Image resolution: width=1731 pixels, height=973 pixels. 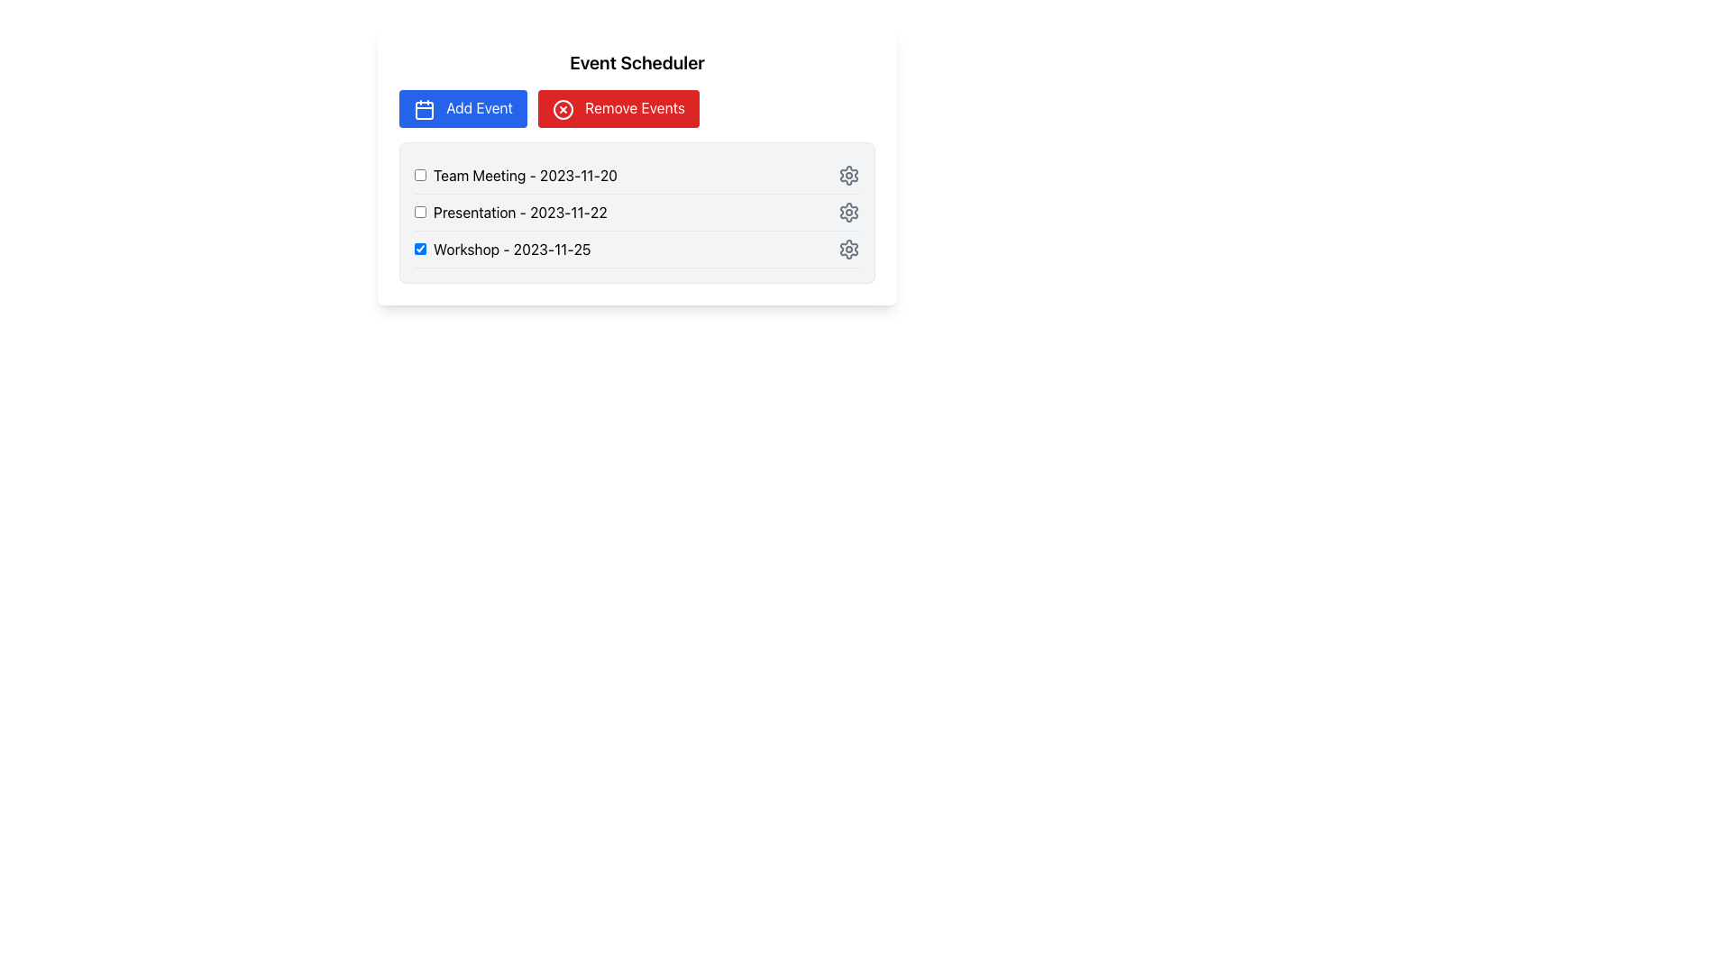 What do you see at coordinates (519, 211) in the screenshot?
I see `the text label element displaying 'Presentation - 2023-11-22' in the second row of the event list under 'Event Scheduler'` at bounding box center [519, 211].